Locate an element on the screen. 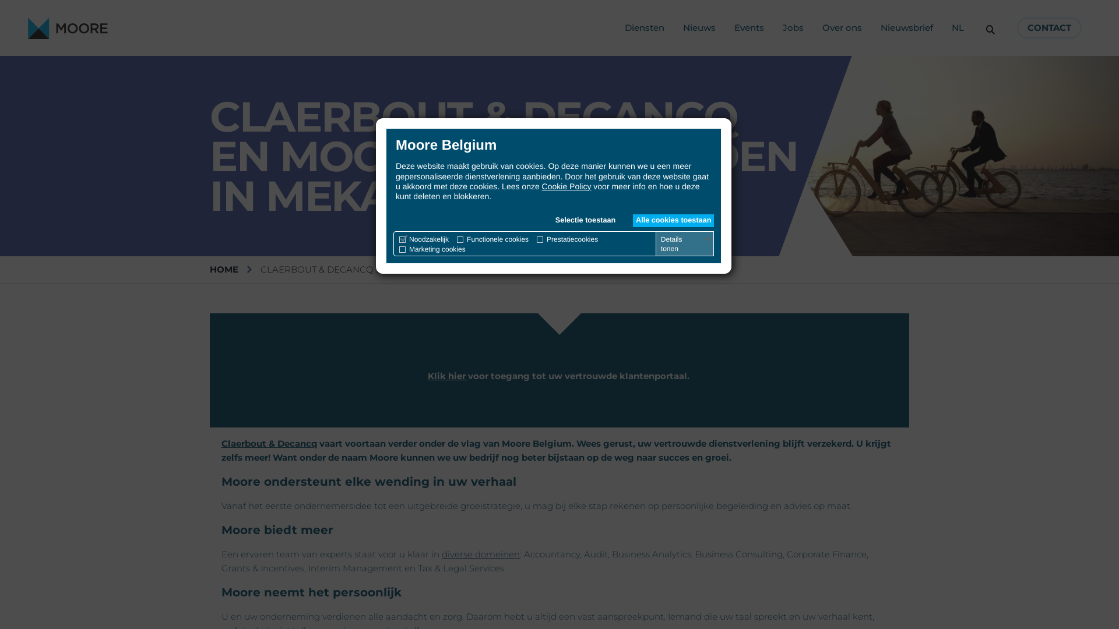  'Cookie Policy' is located at coordinates (541, 186).